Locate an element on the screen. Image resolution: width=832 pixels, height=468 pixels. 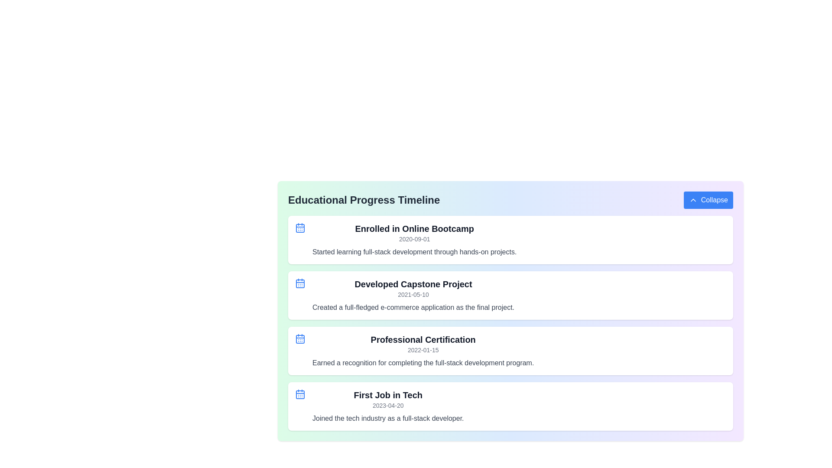
title 'Developed Capstone Project' from the second timeline entry in the list to understand the milestone is located at coordinates (413, 295).